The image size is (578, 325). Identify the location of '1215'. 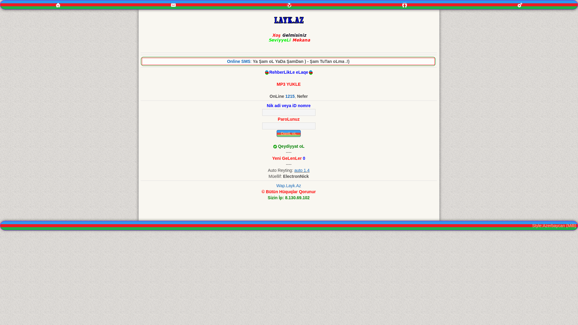
(290, 96).